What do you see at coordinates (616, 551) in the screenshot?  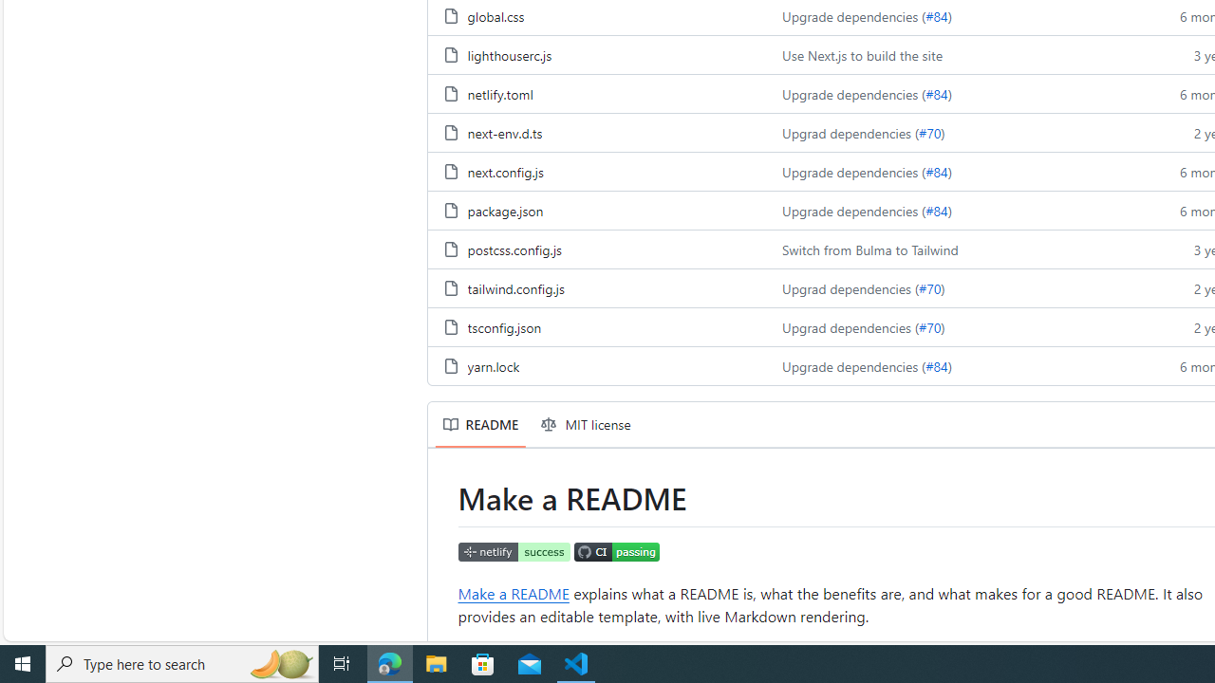 I see `'CI status'` at bounding box center [616, 551].